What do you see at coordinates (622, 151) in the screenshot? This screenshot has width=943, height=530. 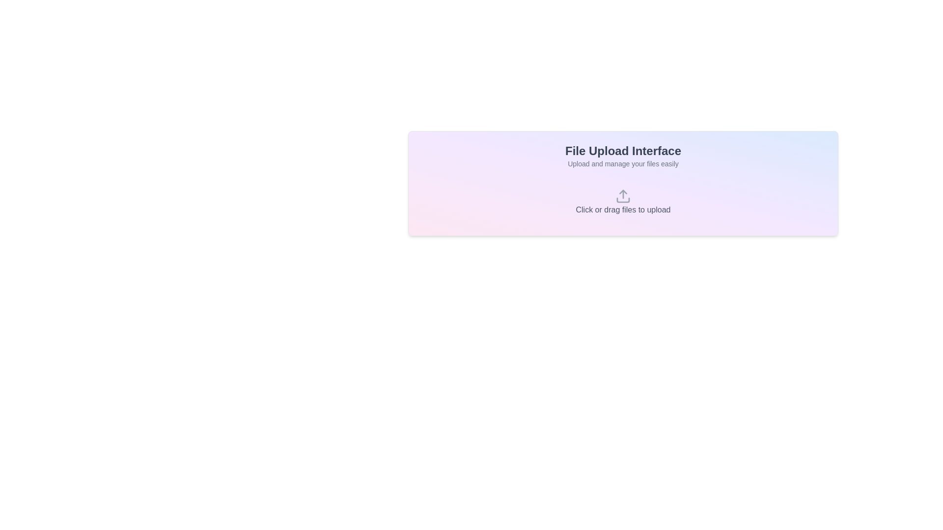 I see `title text label that serves as the heading for the interface, which is centered within the application area above the text component that says 'Upload and manage your files easily.'` at bounding box center [622, 151].